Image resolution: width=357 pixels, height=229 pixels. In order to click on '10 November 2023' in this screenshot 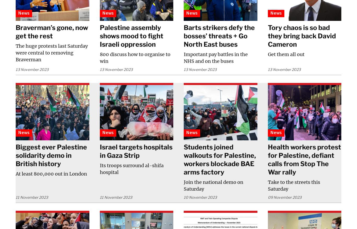, I will do `click(200, 197)`.